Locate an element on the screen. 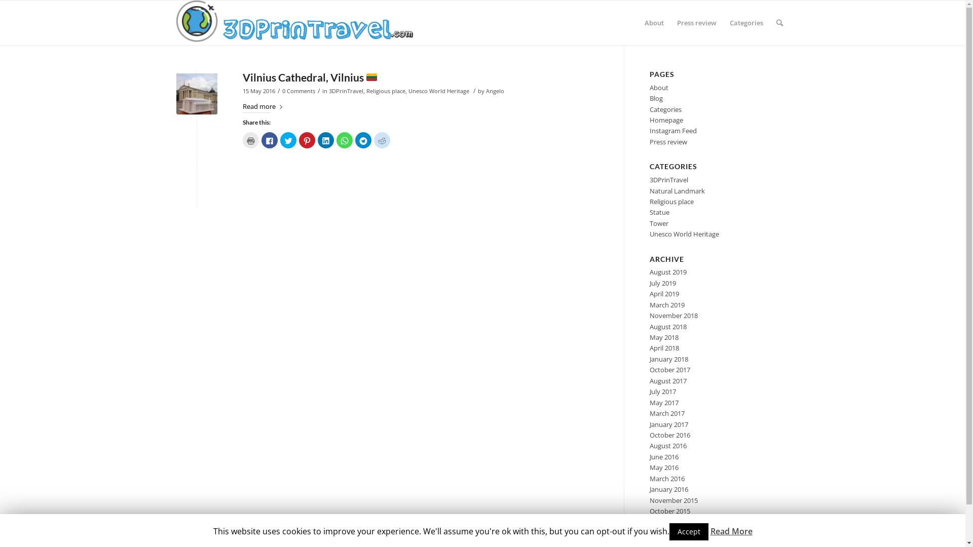  'March 2019' is located at coordinates (667, 304).